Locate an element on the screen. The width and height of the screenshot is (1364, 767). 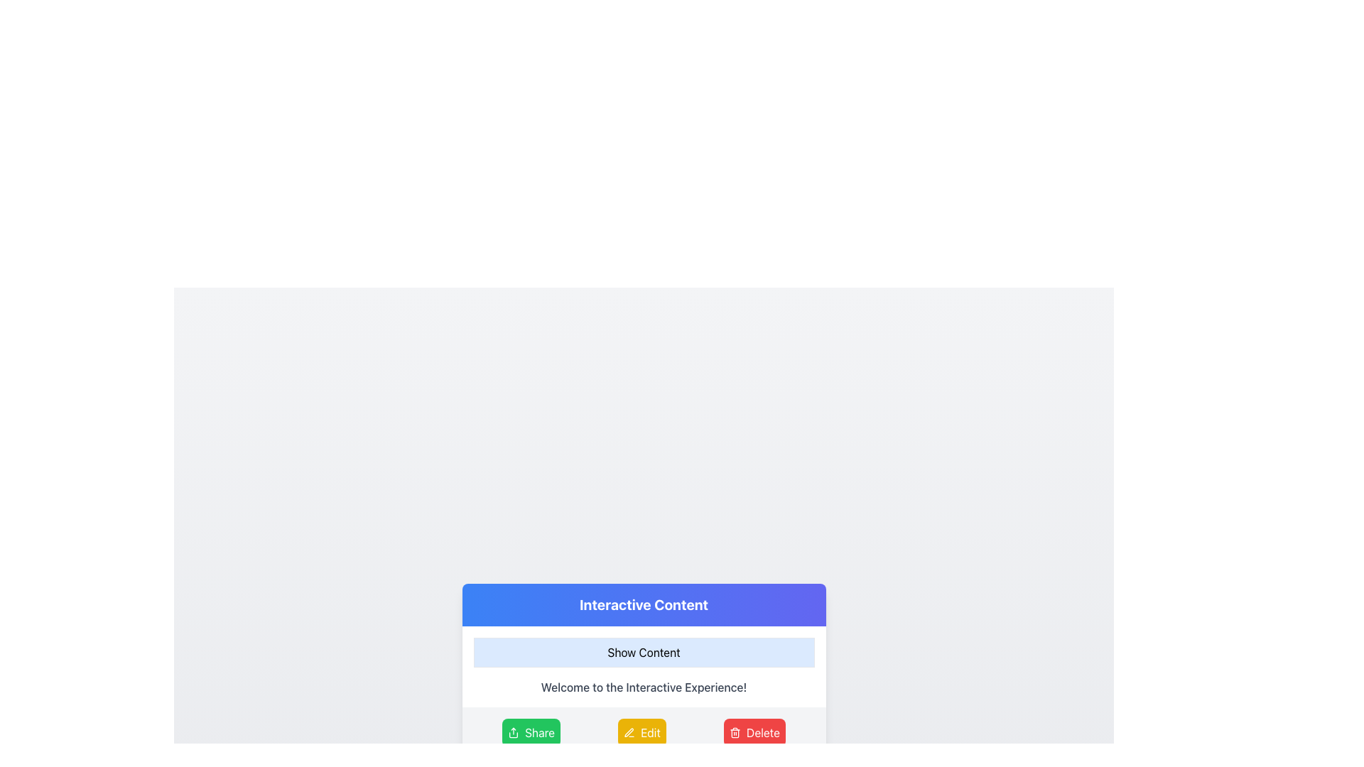
the 'Edit' button, which contains a small pen-shaped icon with a yellow background is located at coordinates (629, 733).